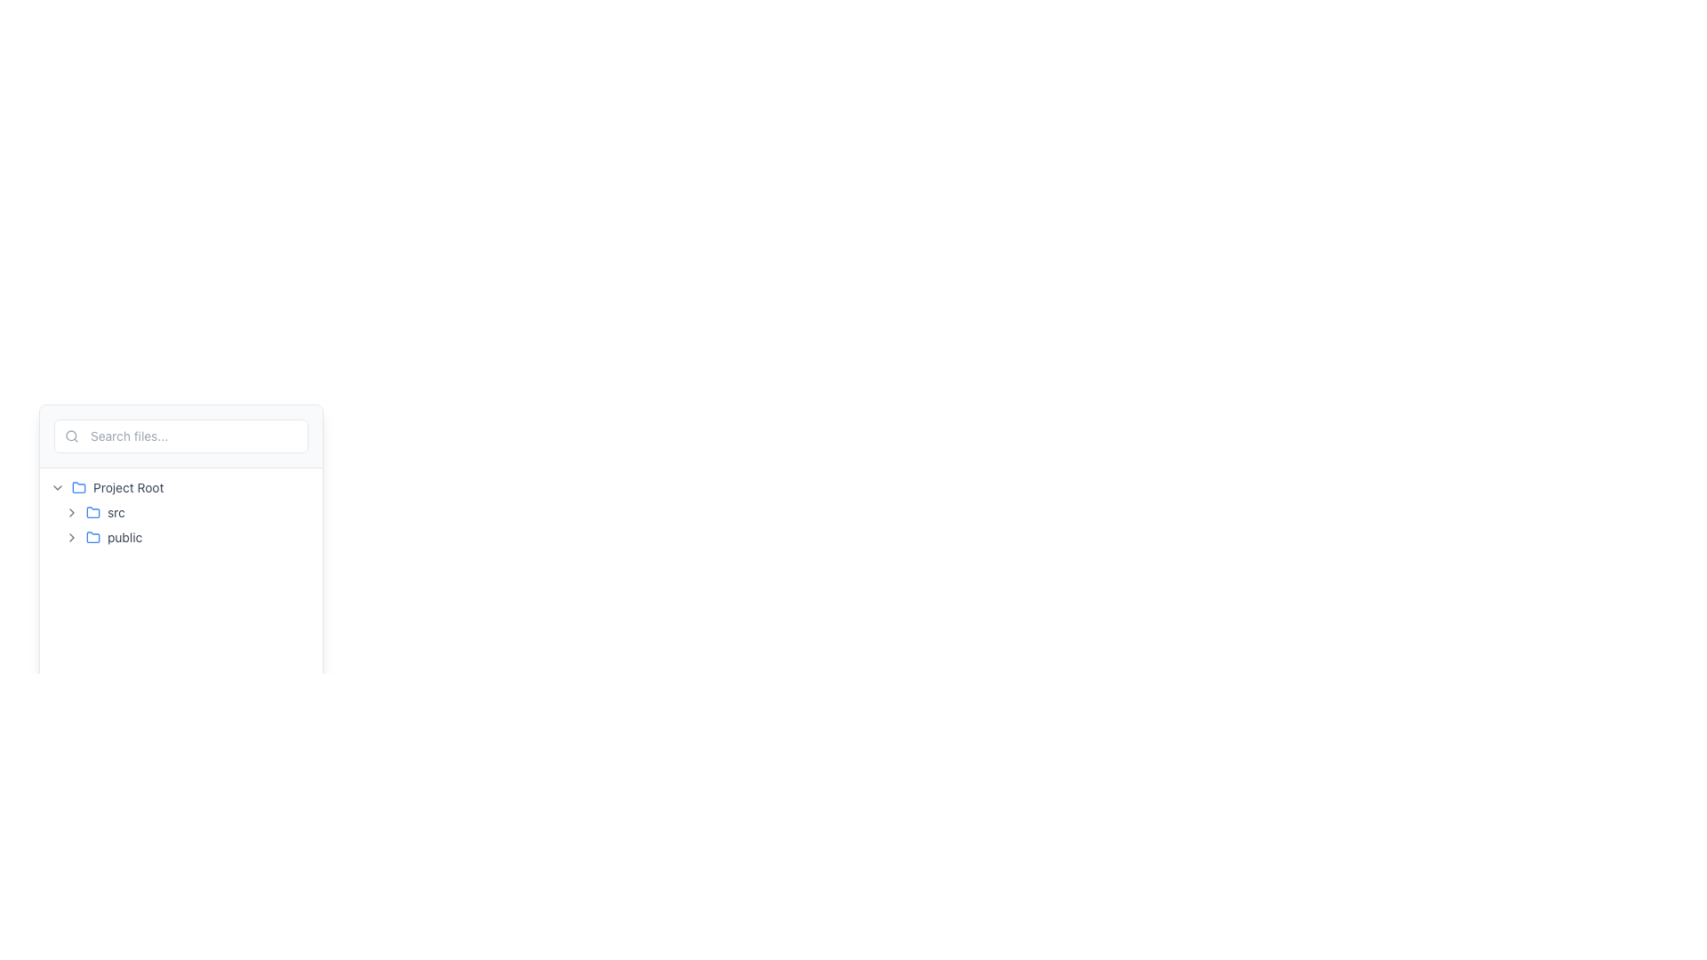  I want to click on the highlighted folder named 'src', so click(180, 513).